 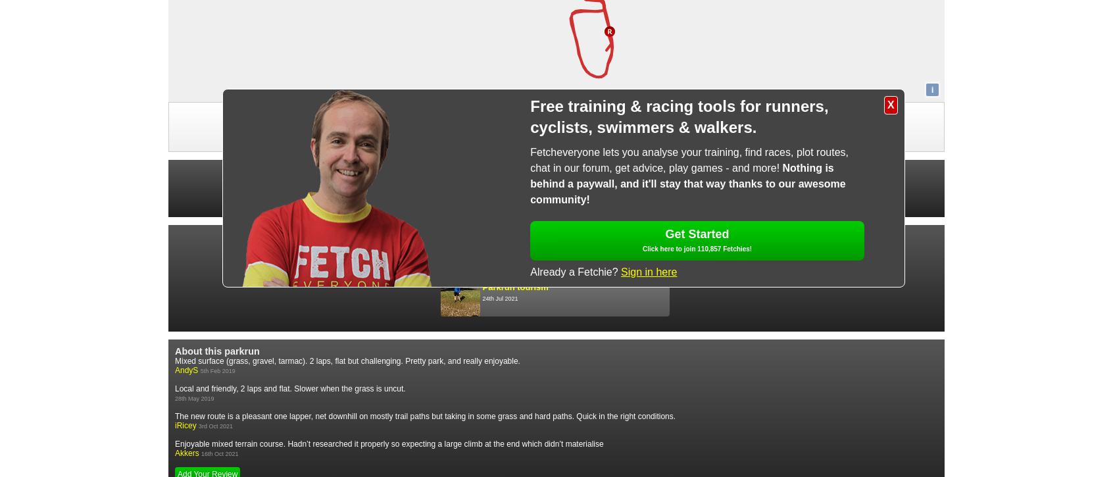 I want to click on 'The new route is a pleasant one lapper, net downhill on mostly trail paths but taking in some grass and hard paths. Quick in the right conditions.', so click(x=425, y=414).